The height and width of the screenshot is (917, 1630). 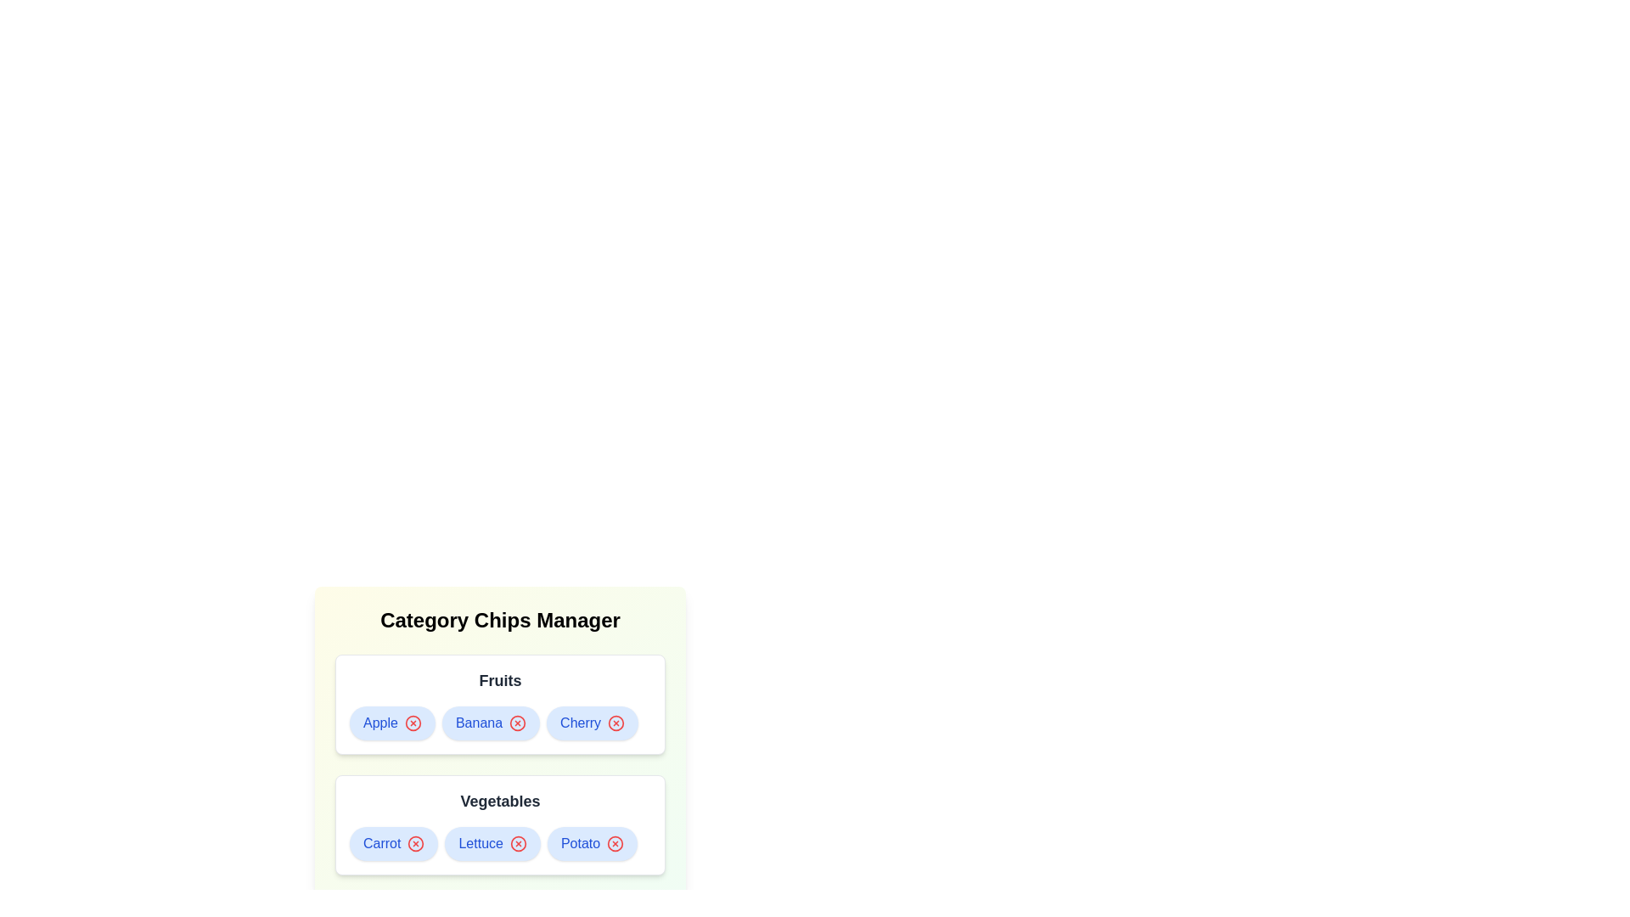 I want to click on the chip labeled Lettuce to observe its hover effect, so click(x=492, y=844).